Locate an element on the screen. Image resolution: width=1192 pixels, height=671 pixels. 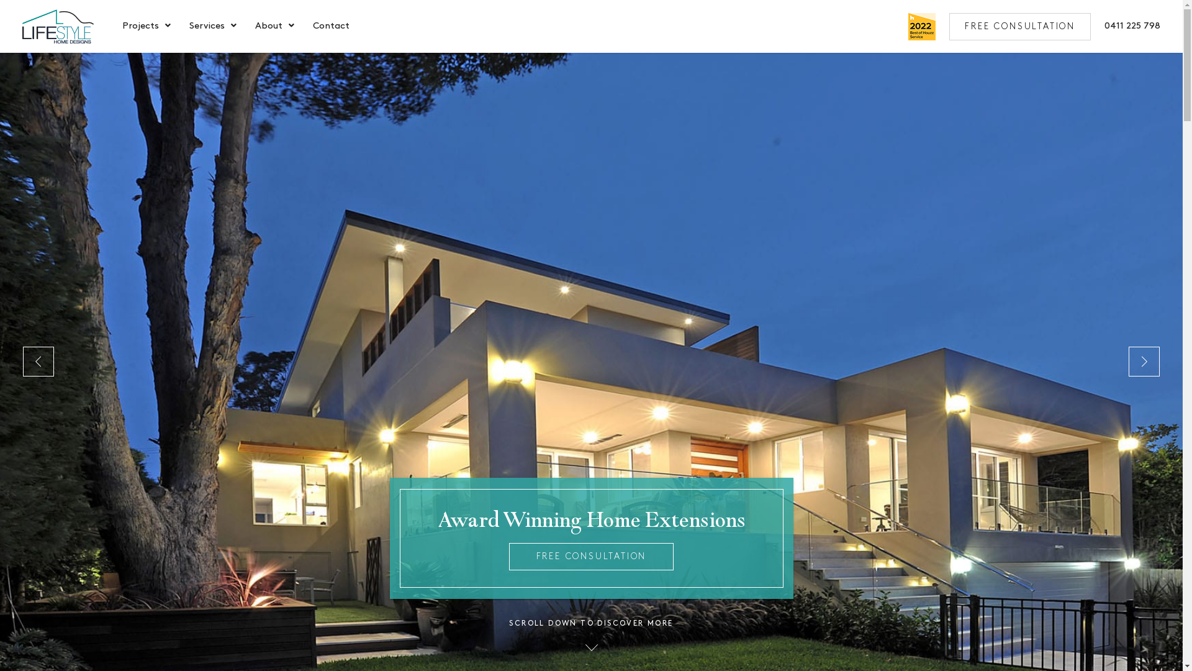
'FREE CONSULTATION' is located at coordinates (590, 555).